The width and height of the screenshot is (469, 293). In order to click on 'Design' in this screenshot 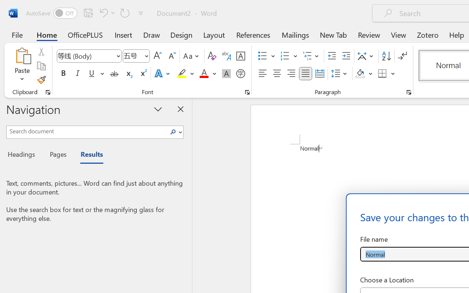, I will do `click(181, 34)`.